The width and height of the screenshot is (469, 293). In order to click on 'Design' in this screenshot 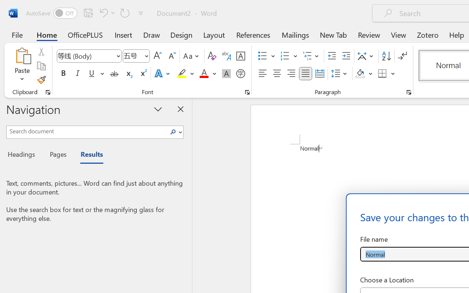, I will do `click(181, 34)`.